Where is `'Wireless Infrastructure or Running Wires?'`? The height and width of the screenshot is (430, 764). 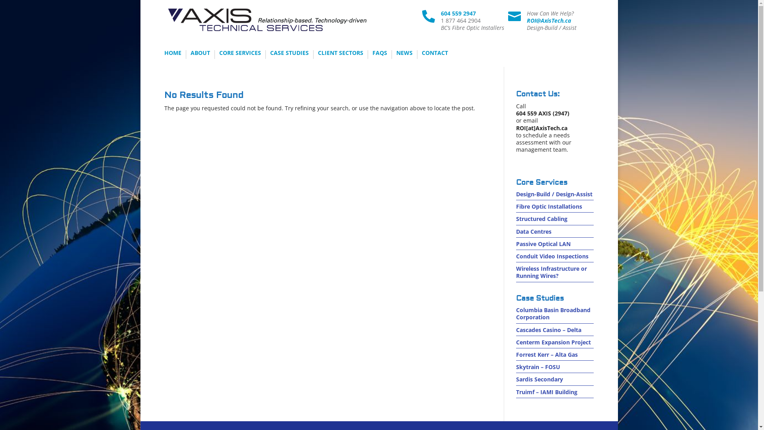 'Wireless Infrastructure or Running Wires?' is located at coordinates (516, 272).